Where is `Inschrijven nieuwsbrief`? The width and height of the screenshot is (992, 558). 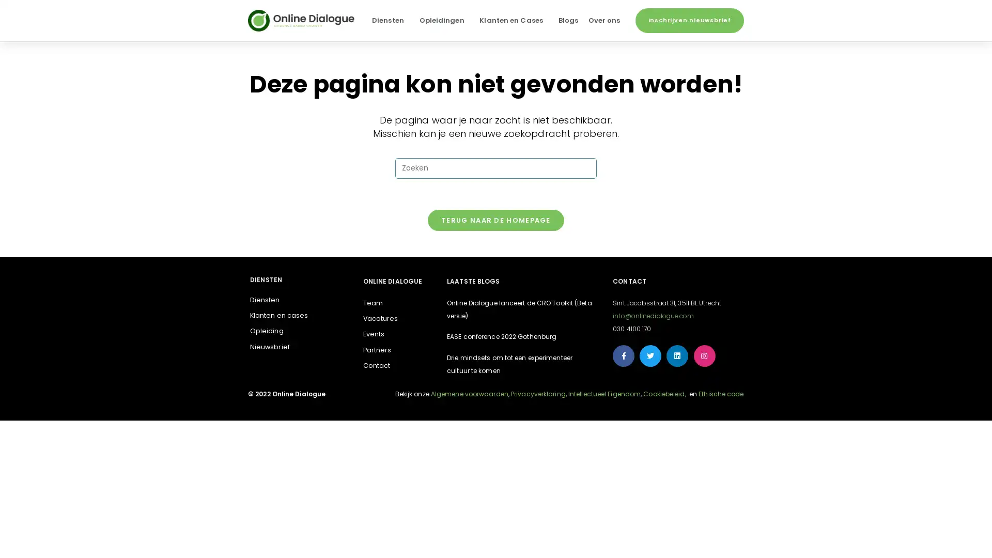 Inschrijven nieuwsbrief is located at coordinates (689, 20).